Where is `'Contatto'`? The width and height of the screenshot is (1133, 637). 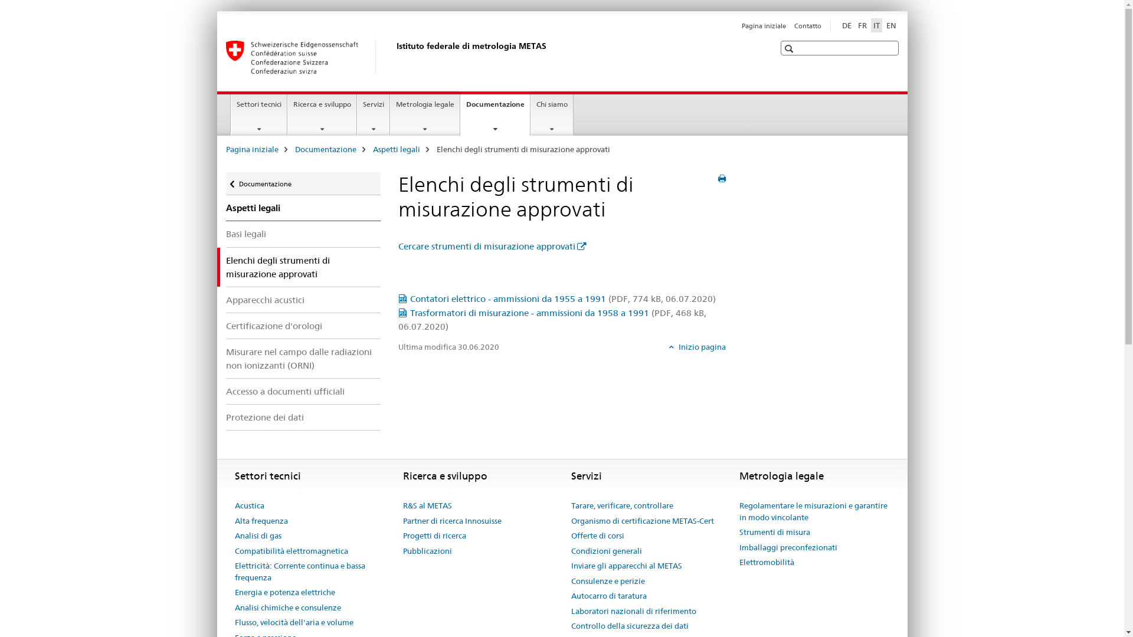 'Contatto' is located at coordinates (807, 25).